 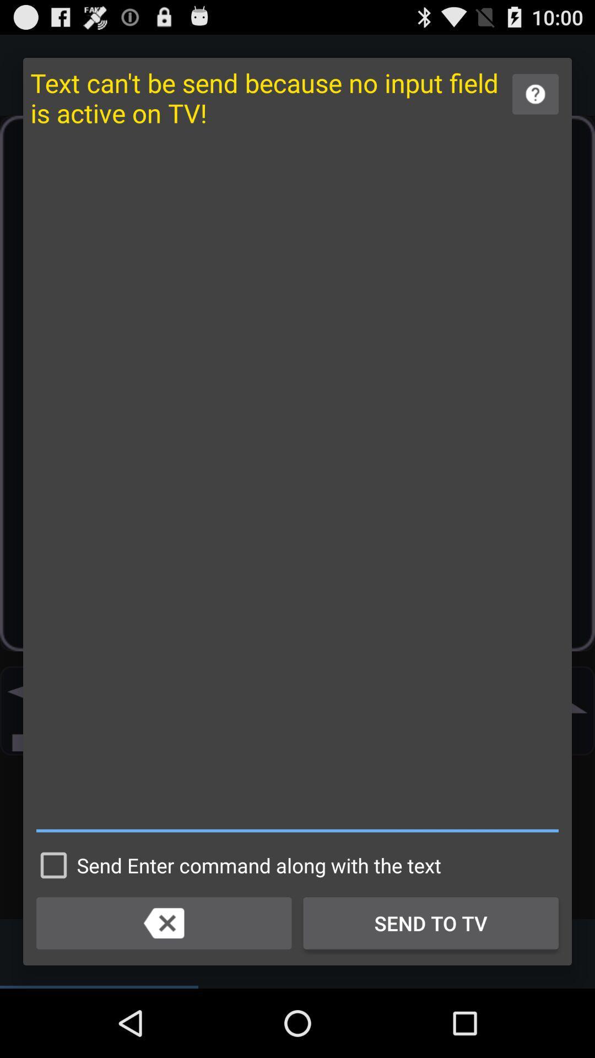 I want to click on send enter command at the bottom, so click(x=235, y=865).